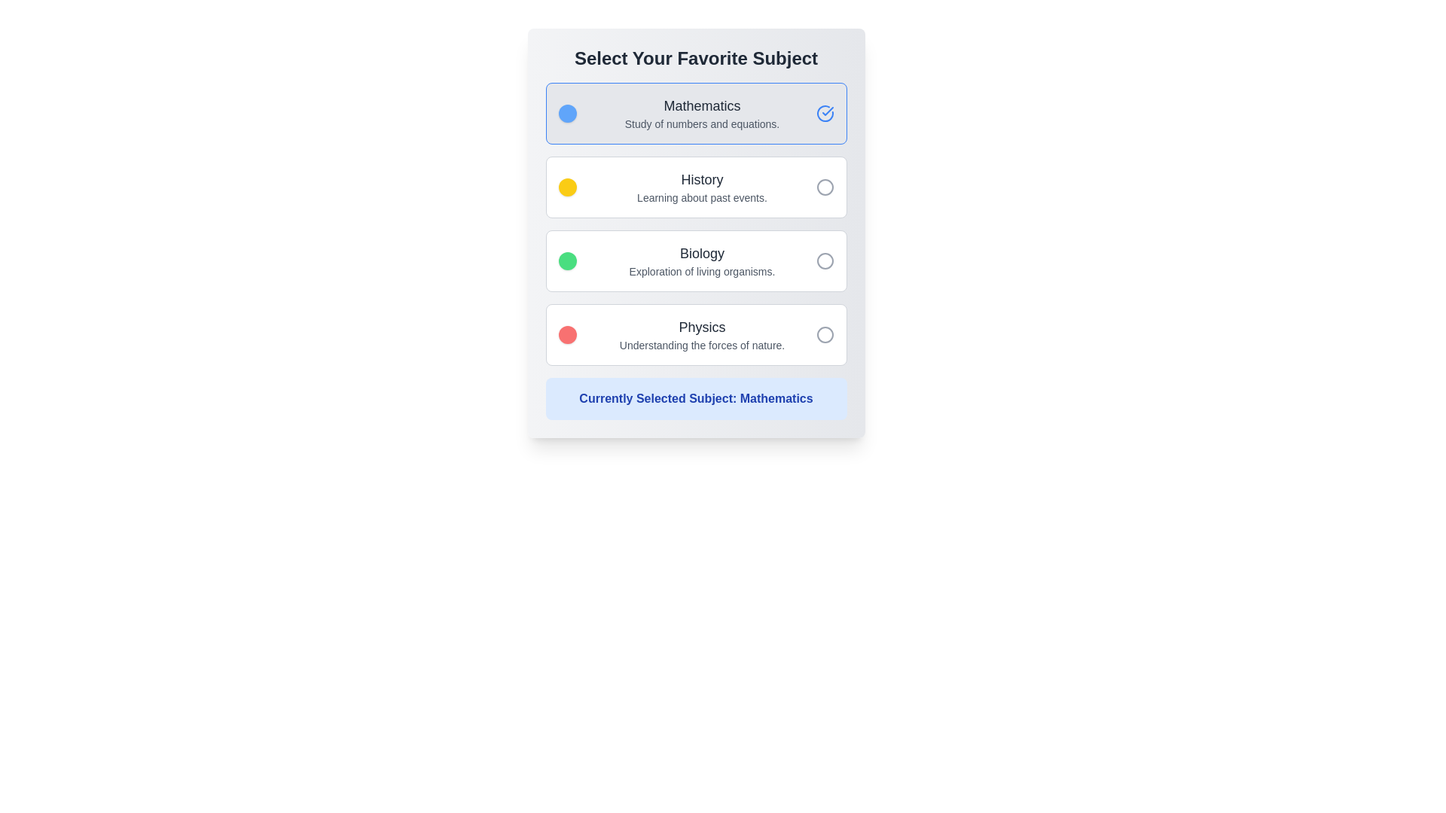 Image resolution: width=1446 pixels, height=813 pixels. Describe the element at coordinates (695, 397) in the screenshot. I see `the Text Display Box that dynamically displays the currently selected subject in the interface, located at the bottom of the subject selection area` at that location.